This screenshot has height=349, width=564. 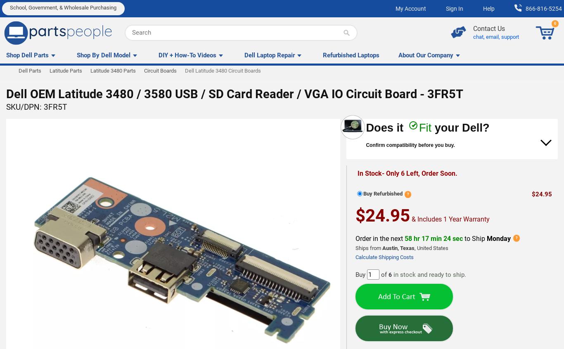 I want to click on 'Safe Shopping Guarantee', so click(x=40, y=98).